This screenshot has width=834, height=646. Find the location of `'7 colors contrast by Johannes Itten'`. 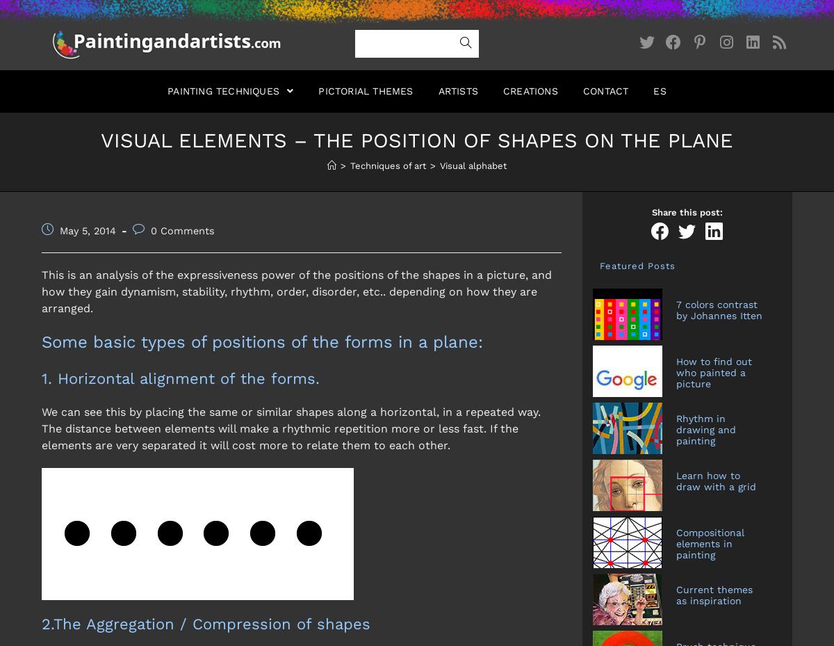

'7 colors contrast by Johannes Itten' is located at coordinates (676, 308).